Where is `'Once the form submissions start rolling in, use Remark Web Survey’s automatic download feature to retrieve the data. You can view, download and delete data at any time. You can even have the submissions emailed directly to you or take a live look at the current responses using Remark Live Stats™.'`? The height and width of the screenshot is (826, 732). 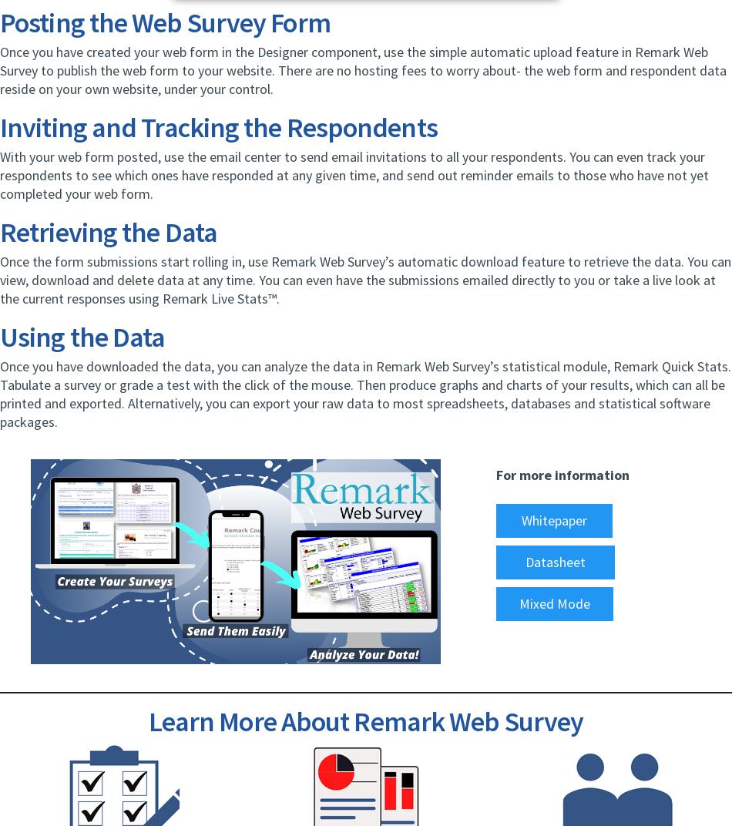
'Once the form submissions start rolling in, use Remark Web Survey’s automatic download feature to retrieve the data. You can view, download and delete data at any time. You can even have the submissions emailed directly to you or take a live look at the current responses using Remark Live Stats™.' is located at coordinates (364, 280).